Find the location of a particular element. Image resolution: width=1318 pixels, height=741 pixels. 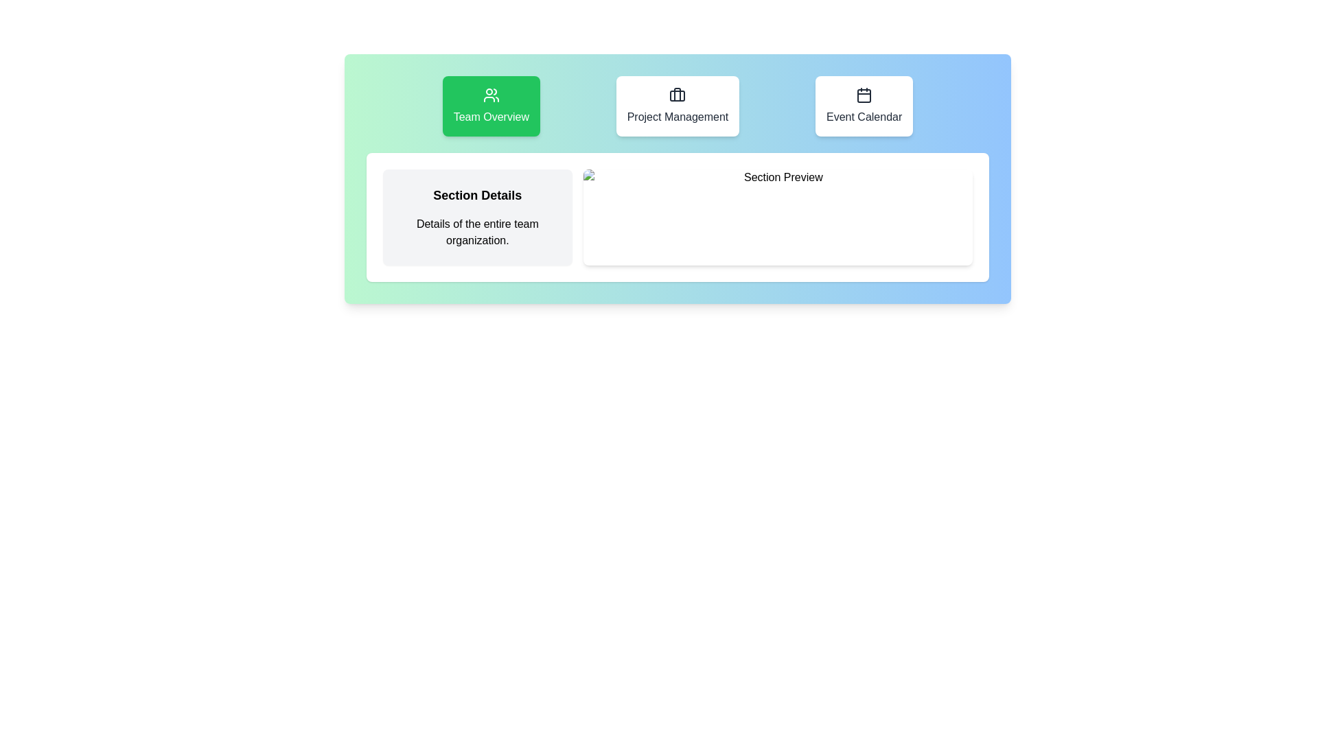

the vertical line within the suitcase icon in the 'Project Management' button is located at coordinates (678, 94).